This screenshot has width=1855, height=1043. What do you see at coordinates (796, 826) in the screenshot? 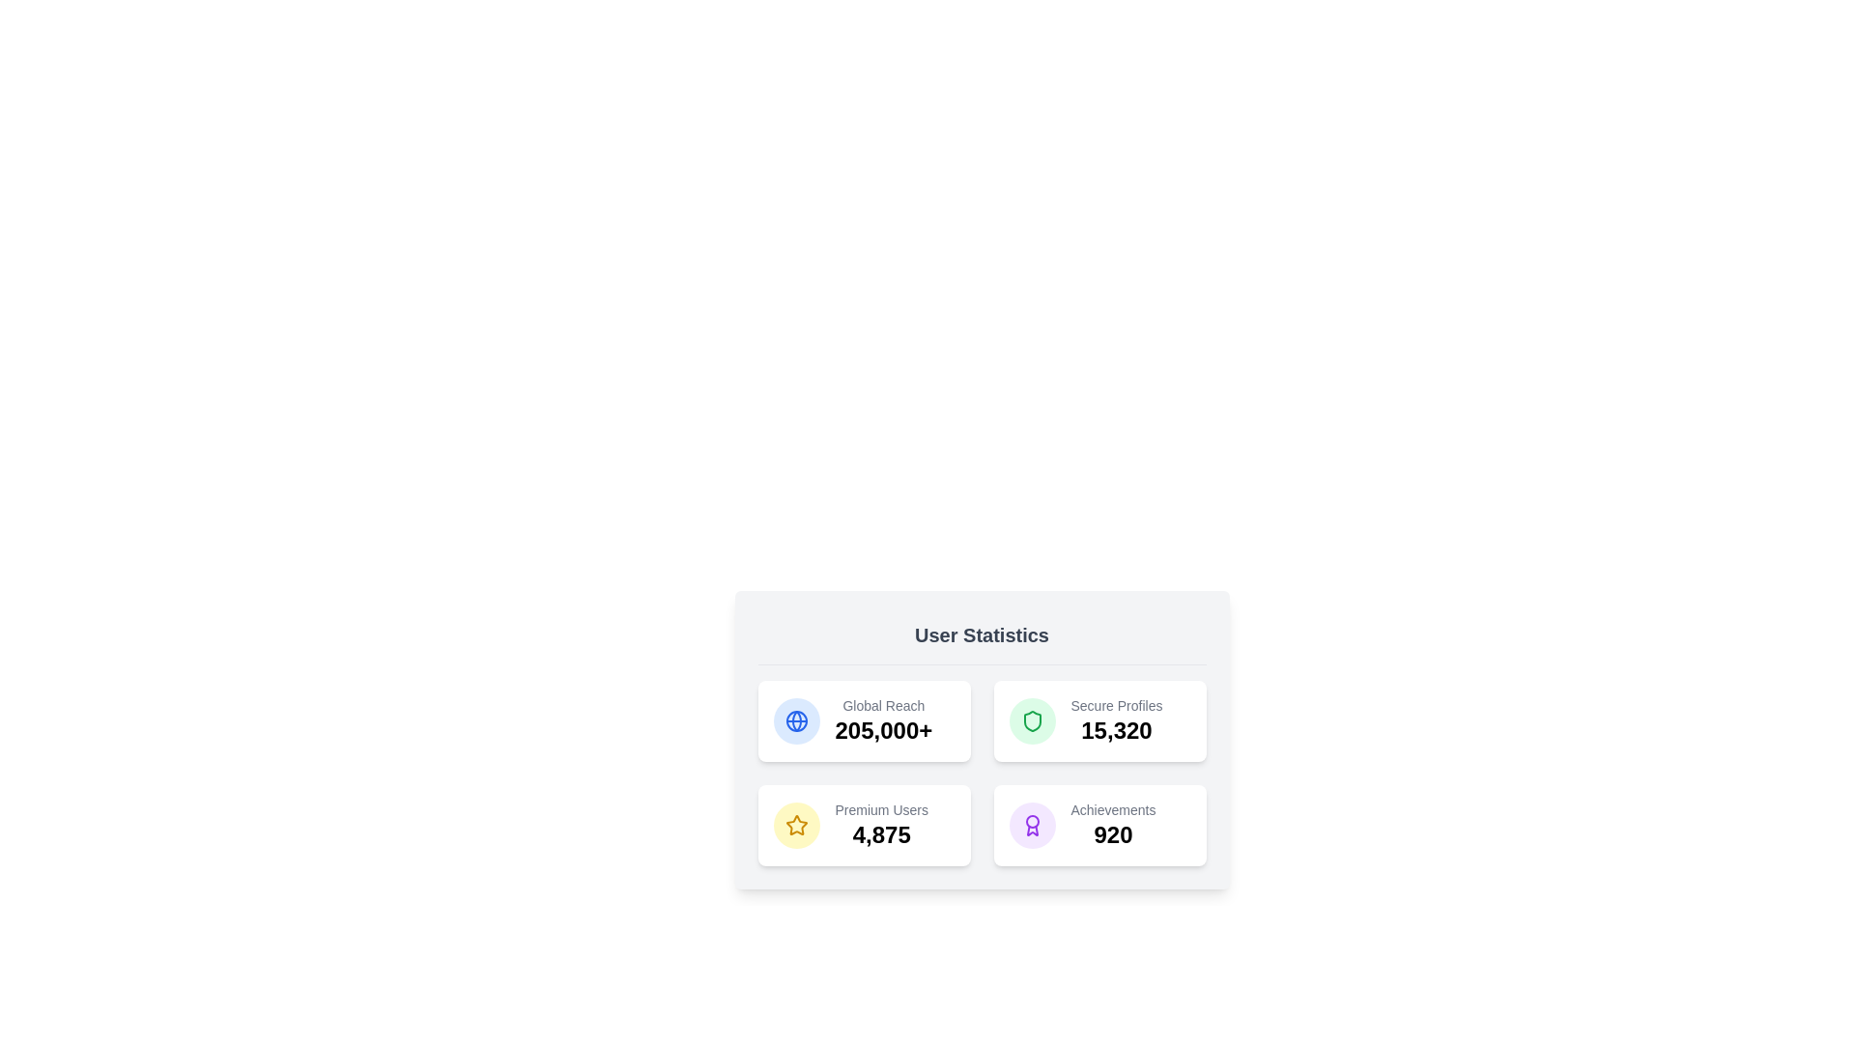
I see `the golden star icon within a circular yellow background, which is the leftmost icon in the bottom-left box of the 'User Statistics' section, located above the text 'Premium Users' and '4,875'` at bounding box center [796, 826].